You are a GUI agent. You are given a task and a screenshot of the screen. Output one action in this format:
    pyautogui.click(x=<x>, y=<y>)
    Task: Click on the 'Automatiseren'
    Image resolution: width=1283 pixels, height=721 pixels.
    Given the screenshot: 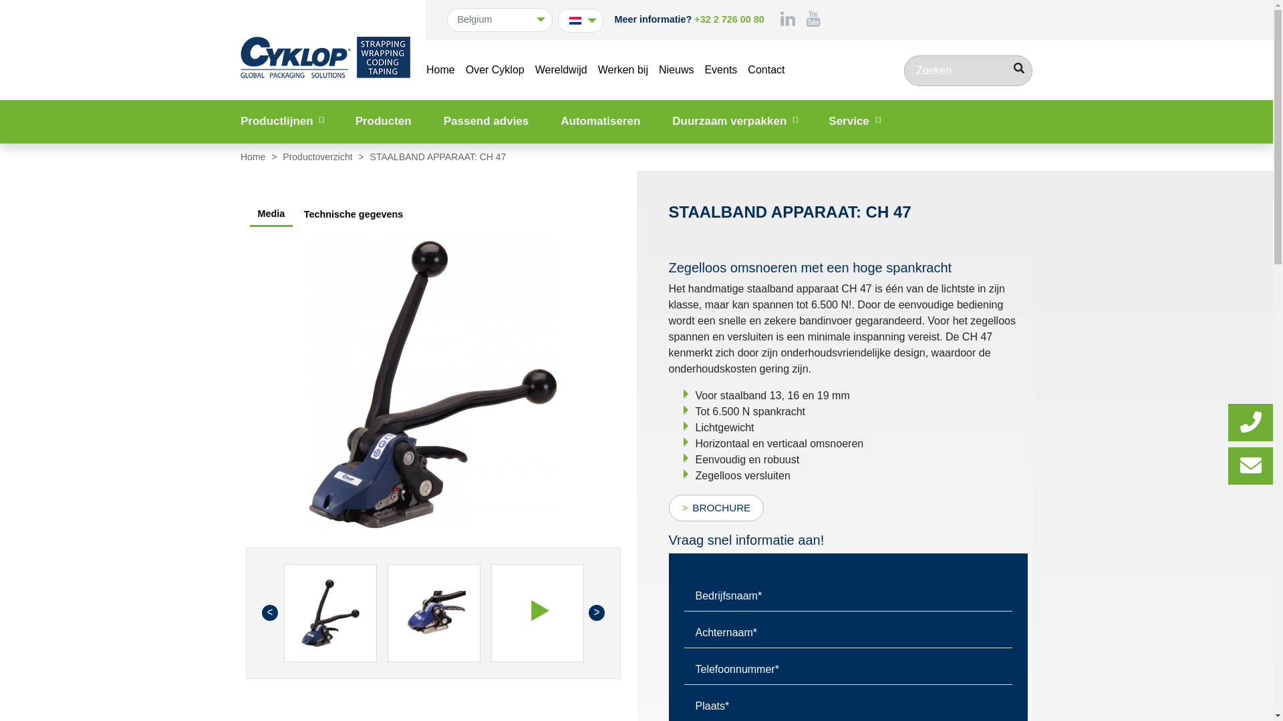 What is the action you would take?
    pyautogui.click(x=599, y=121)
    